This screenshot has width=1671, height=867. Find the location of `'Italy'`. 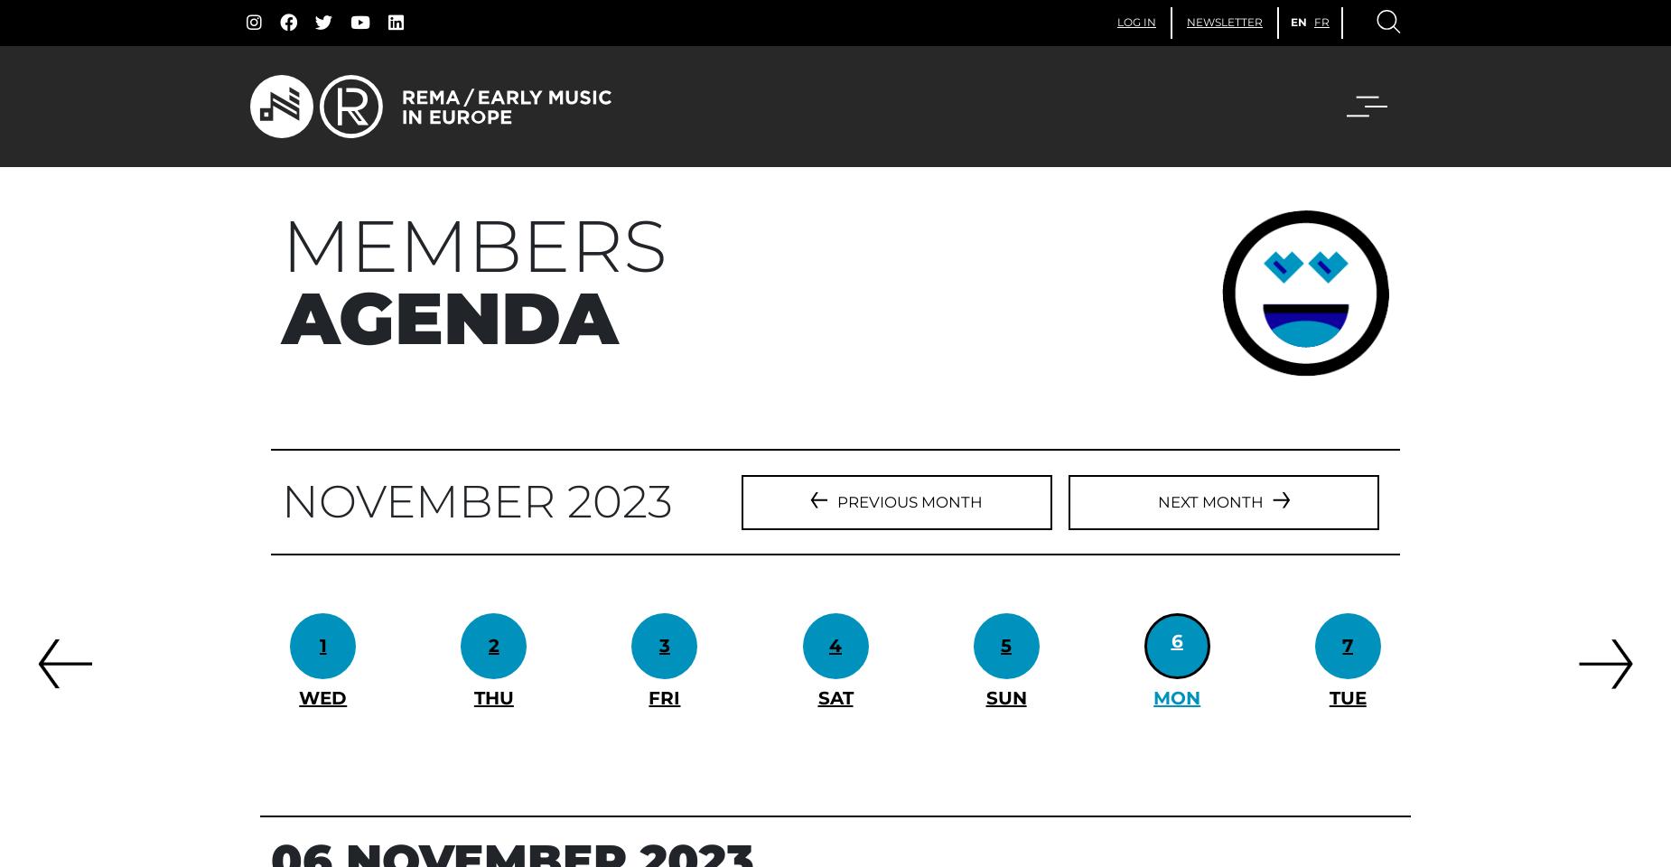

'Italy' is located at coordinates (826, 620).